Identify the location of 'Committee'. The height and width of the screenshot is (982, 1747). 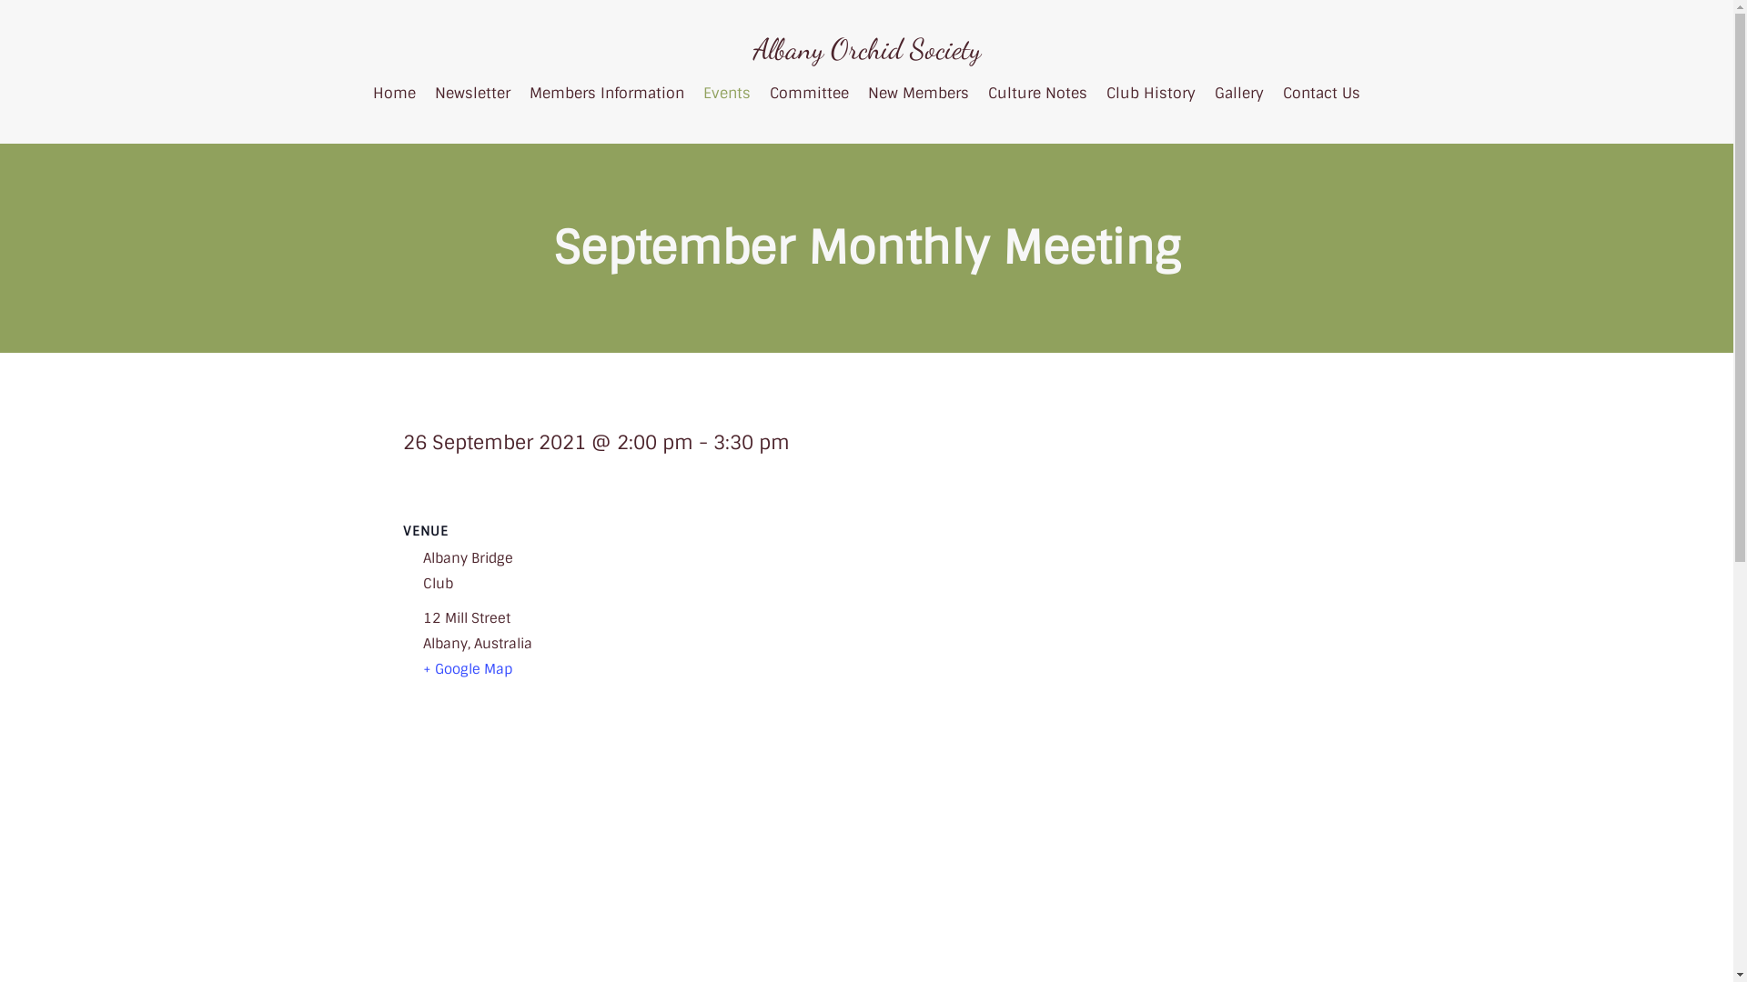
(808, 91).